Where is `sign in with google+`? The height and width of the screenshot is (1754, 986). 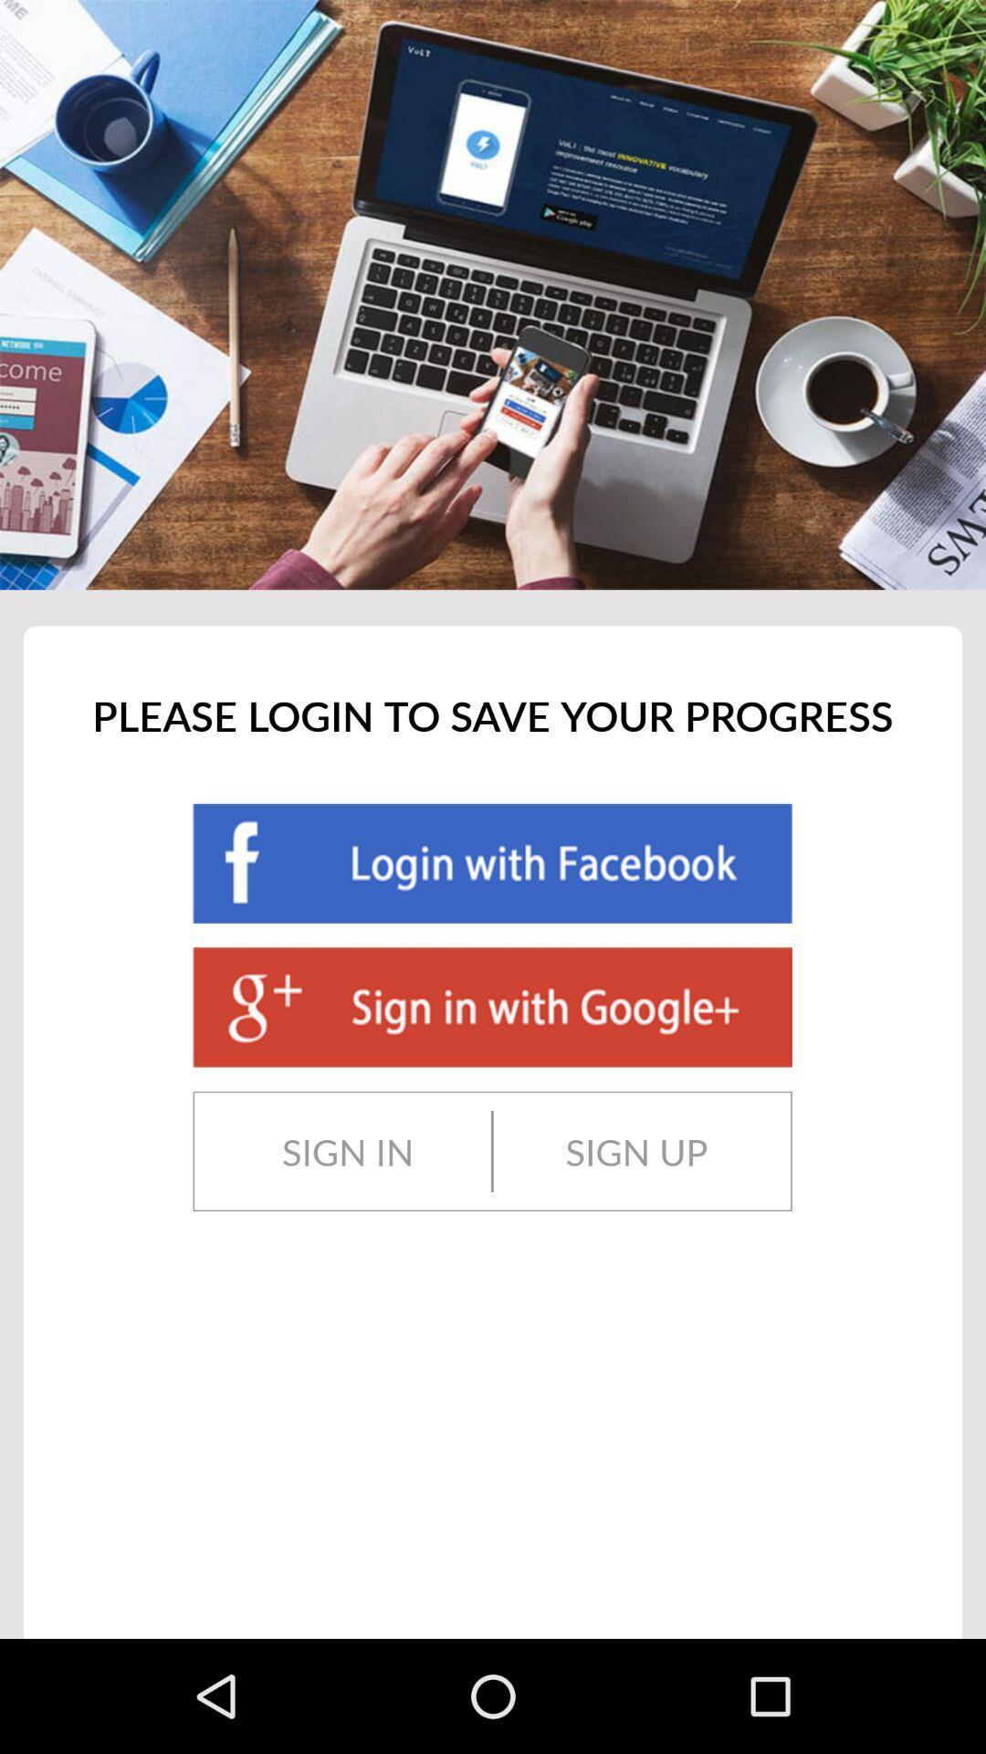 sign in with google+ is located at coordinates (491, 1006).